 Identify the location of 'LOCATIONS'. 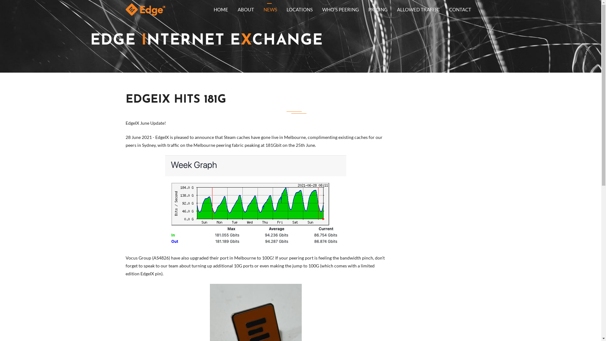
(299, 9).